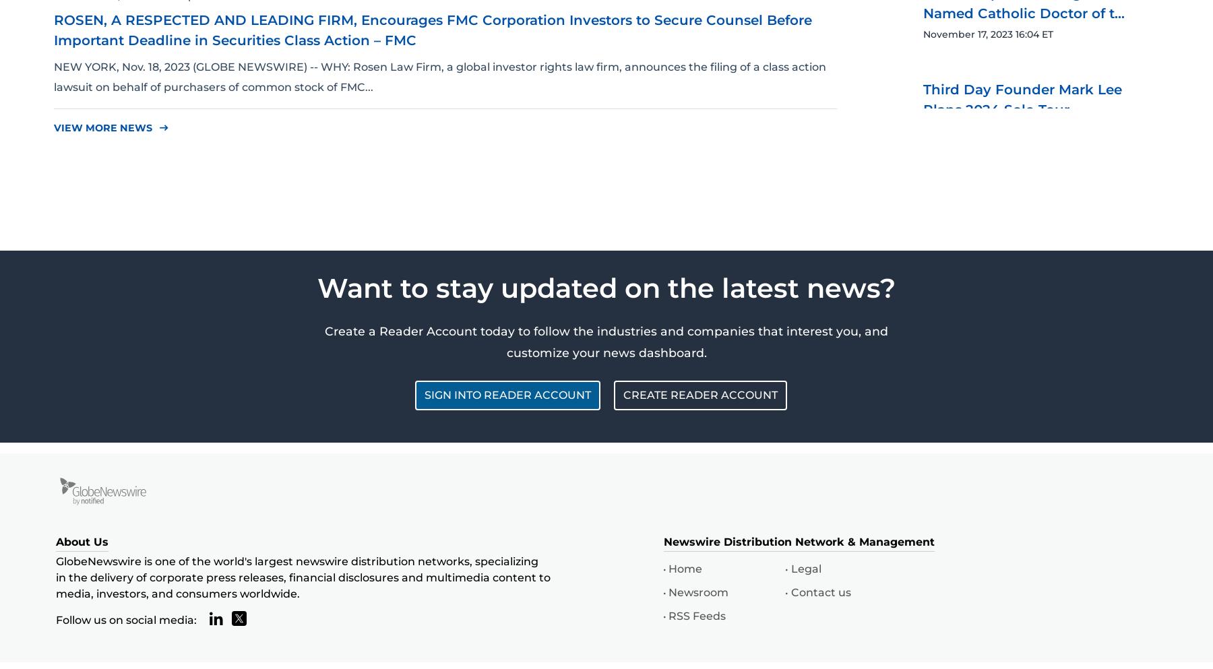 The height and width of the screenshot is (669, 1213). What do you see at coordinates (127, 619) in the screenshot?
I see `'Follow us on social media:'` at bounding box center [127, 619].